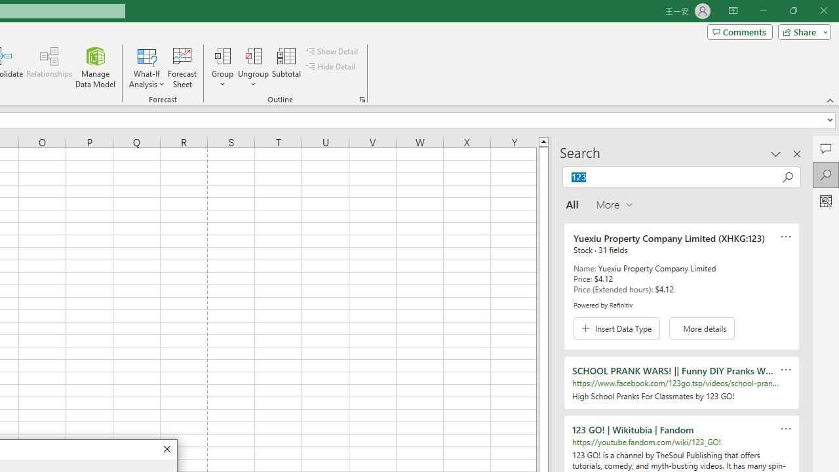 The height and width of the screenshot is (472, 839). Describe the element at coordinates (332, 50) in the screenshot. I see `'Show Detail'` at that location.